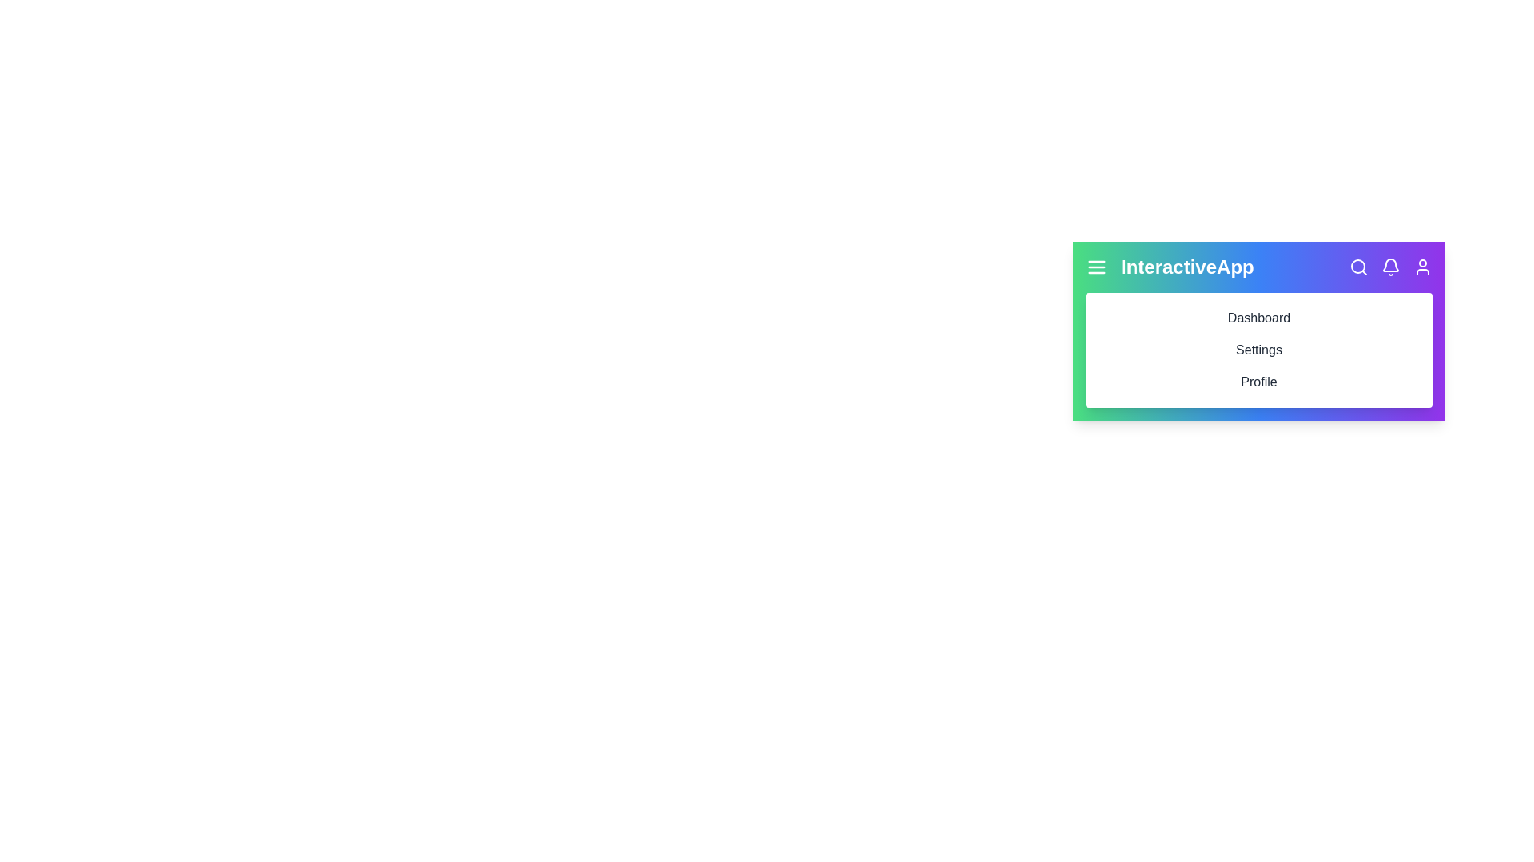  Describe the element at coordinates (1258, 382) in the screenshot. I see `the 'Profile' button in the menu` at that location.